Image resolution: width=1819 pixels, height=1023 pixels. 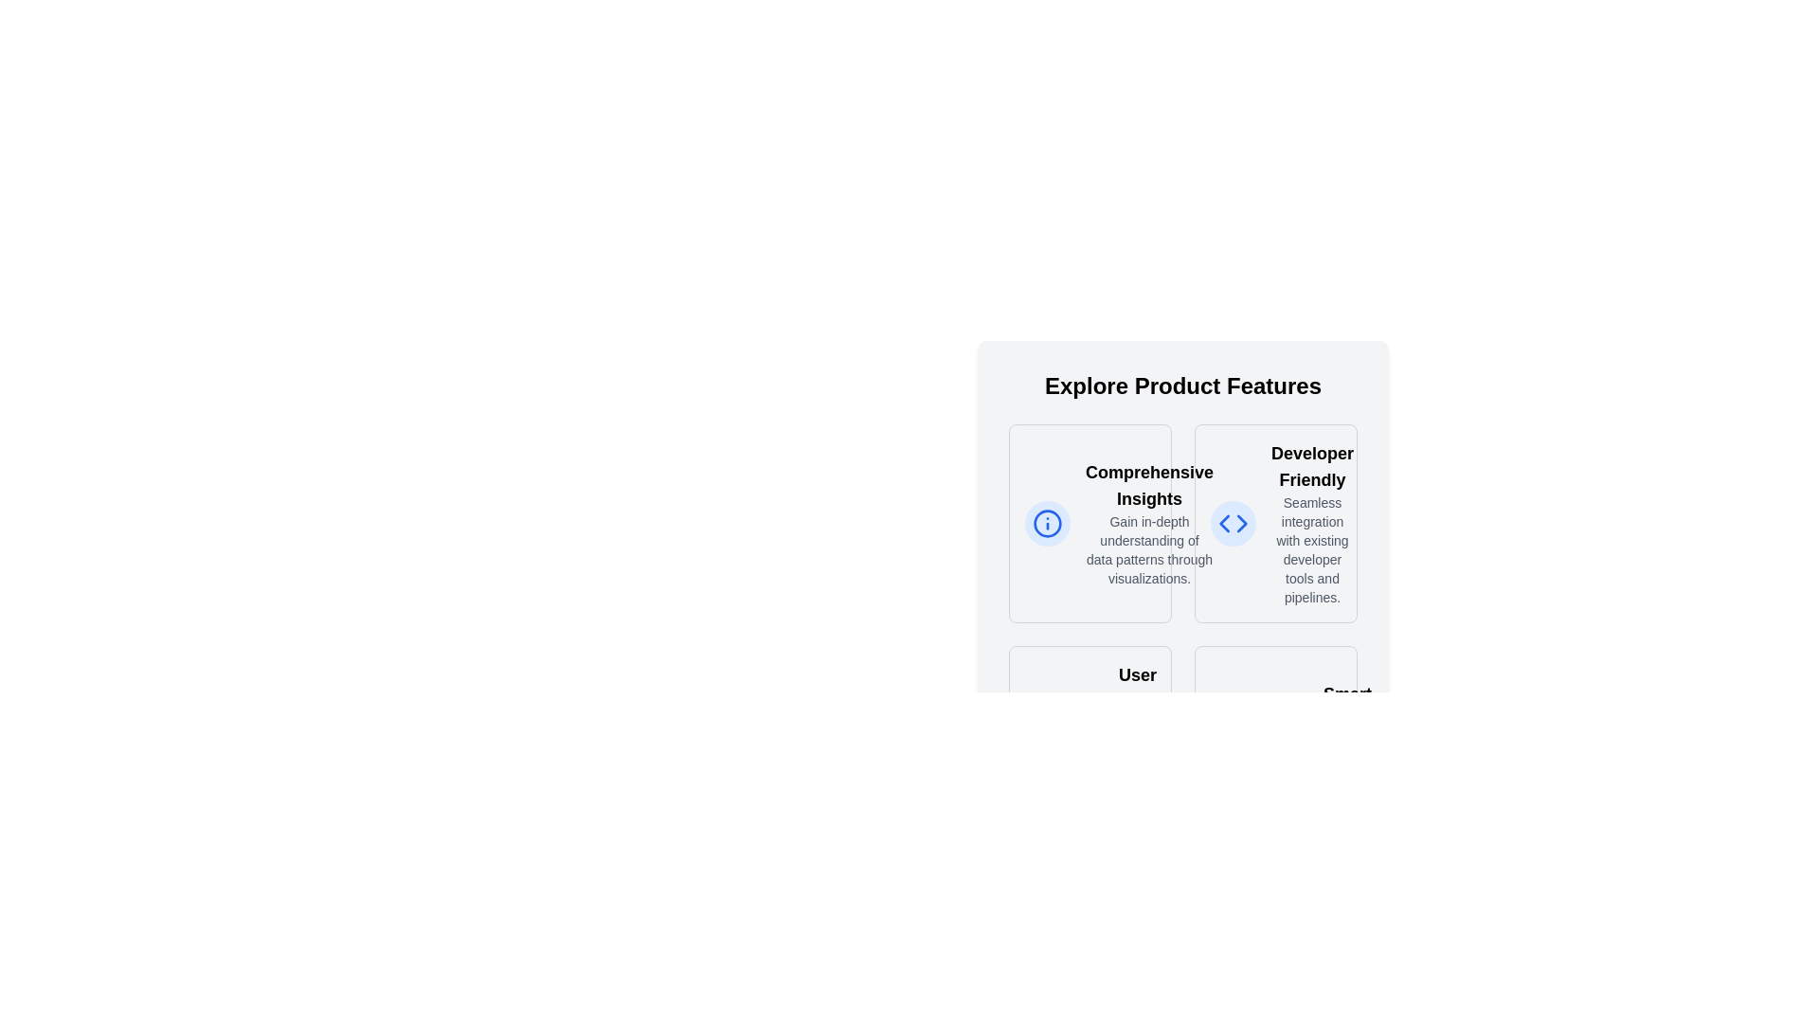 I want to click on the 'Comprehensive Insights' Informational Card located in the top left corner of the grid layout, so click(x=1090, y=523).